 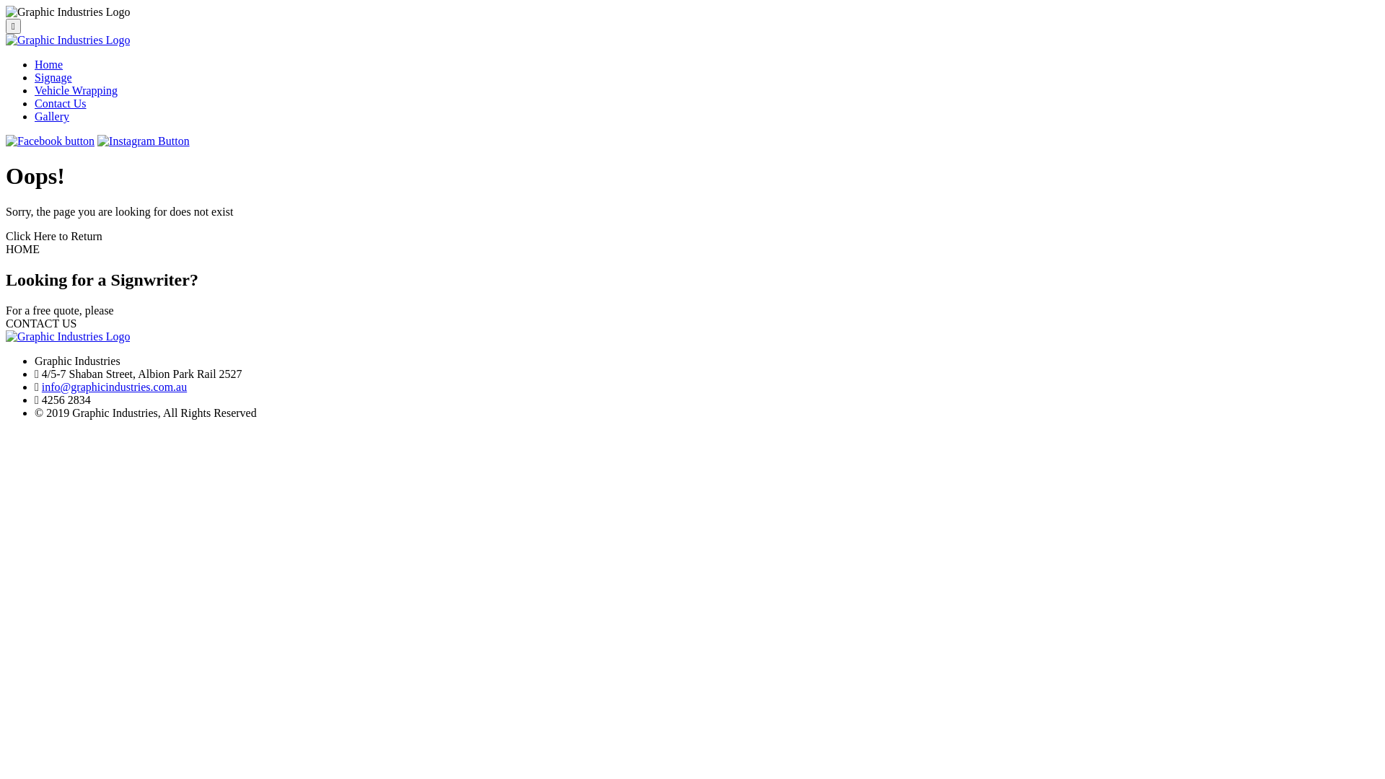 I want to click on 'For a free quote, please, so click(x=692, y=316).